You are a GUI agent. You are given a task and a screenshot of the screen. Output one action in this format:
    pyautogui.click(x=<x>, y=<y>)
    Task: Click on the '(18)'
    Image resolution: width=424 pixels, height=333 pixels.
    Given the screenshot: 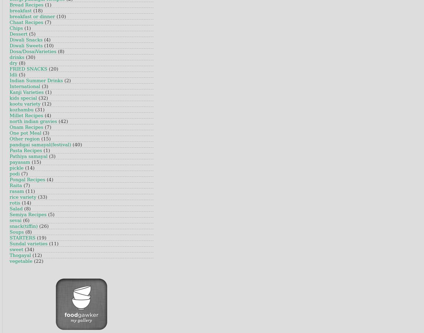 What is the action you would take?
    pyautogui.click(x=38, y=11)
    